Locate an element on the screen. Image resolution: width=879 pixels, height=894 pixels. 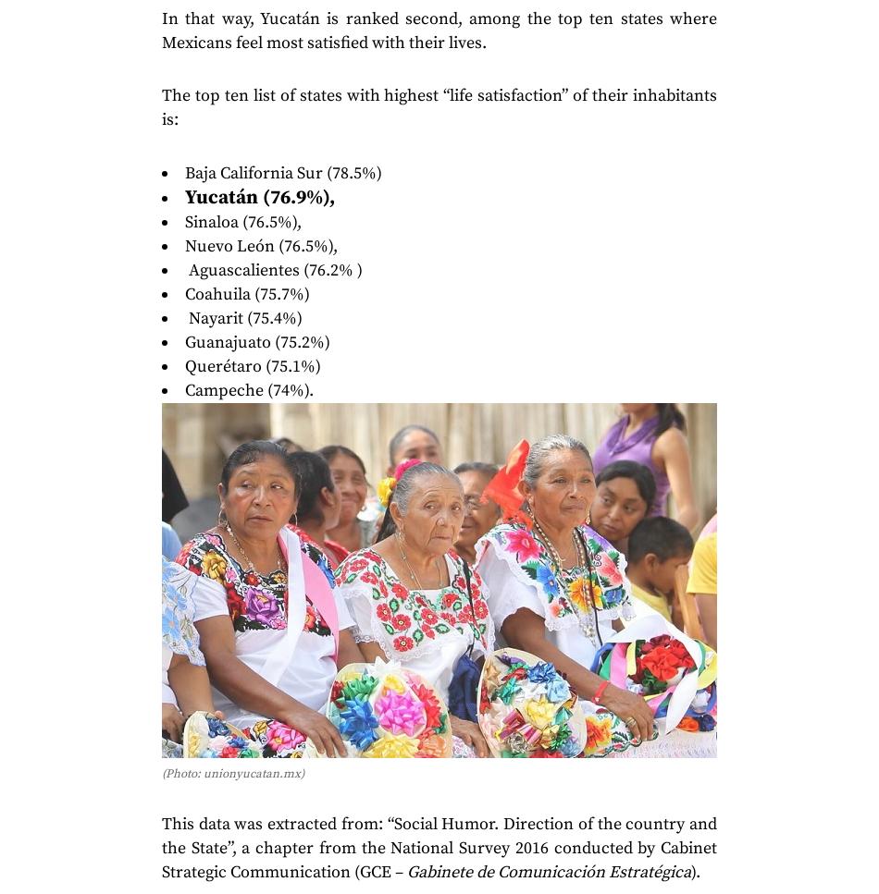
'Campeche (74%).' is located at coordinates (248, 388).